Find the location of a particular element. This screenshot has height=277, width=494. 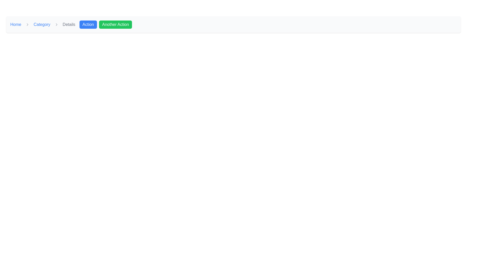

the 'Home' hyperlink in the breadcrumb navigation is located at coordinates (16, 25).